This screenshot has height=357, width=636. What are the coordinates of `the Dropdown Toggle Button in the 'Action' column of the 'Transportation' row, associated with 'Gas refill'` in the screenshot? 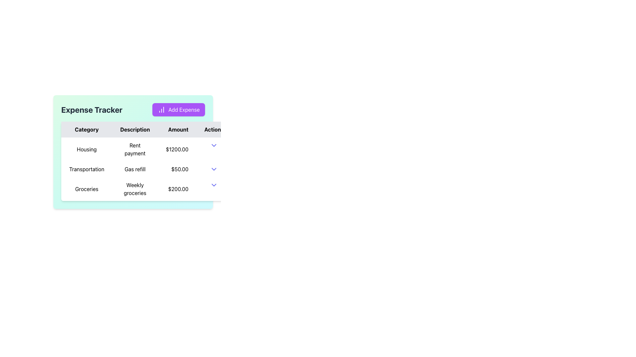 It's located at (214, 169).